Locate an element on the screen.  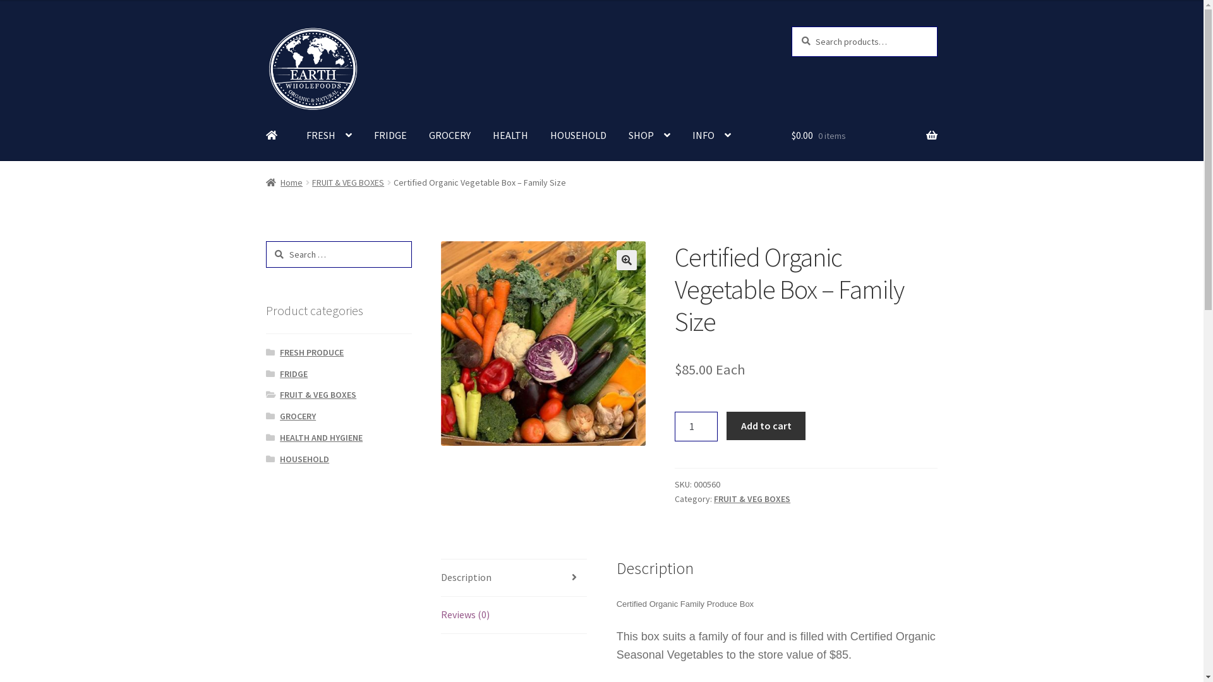
' ' is located at coordinates (275, 136).